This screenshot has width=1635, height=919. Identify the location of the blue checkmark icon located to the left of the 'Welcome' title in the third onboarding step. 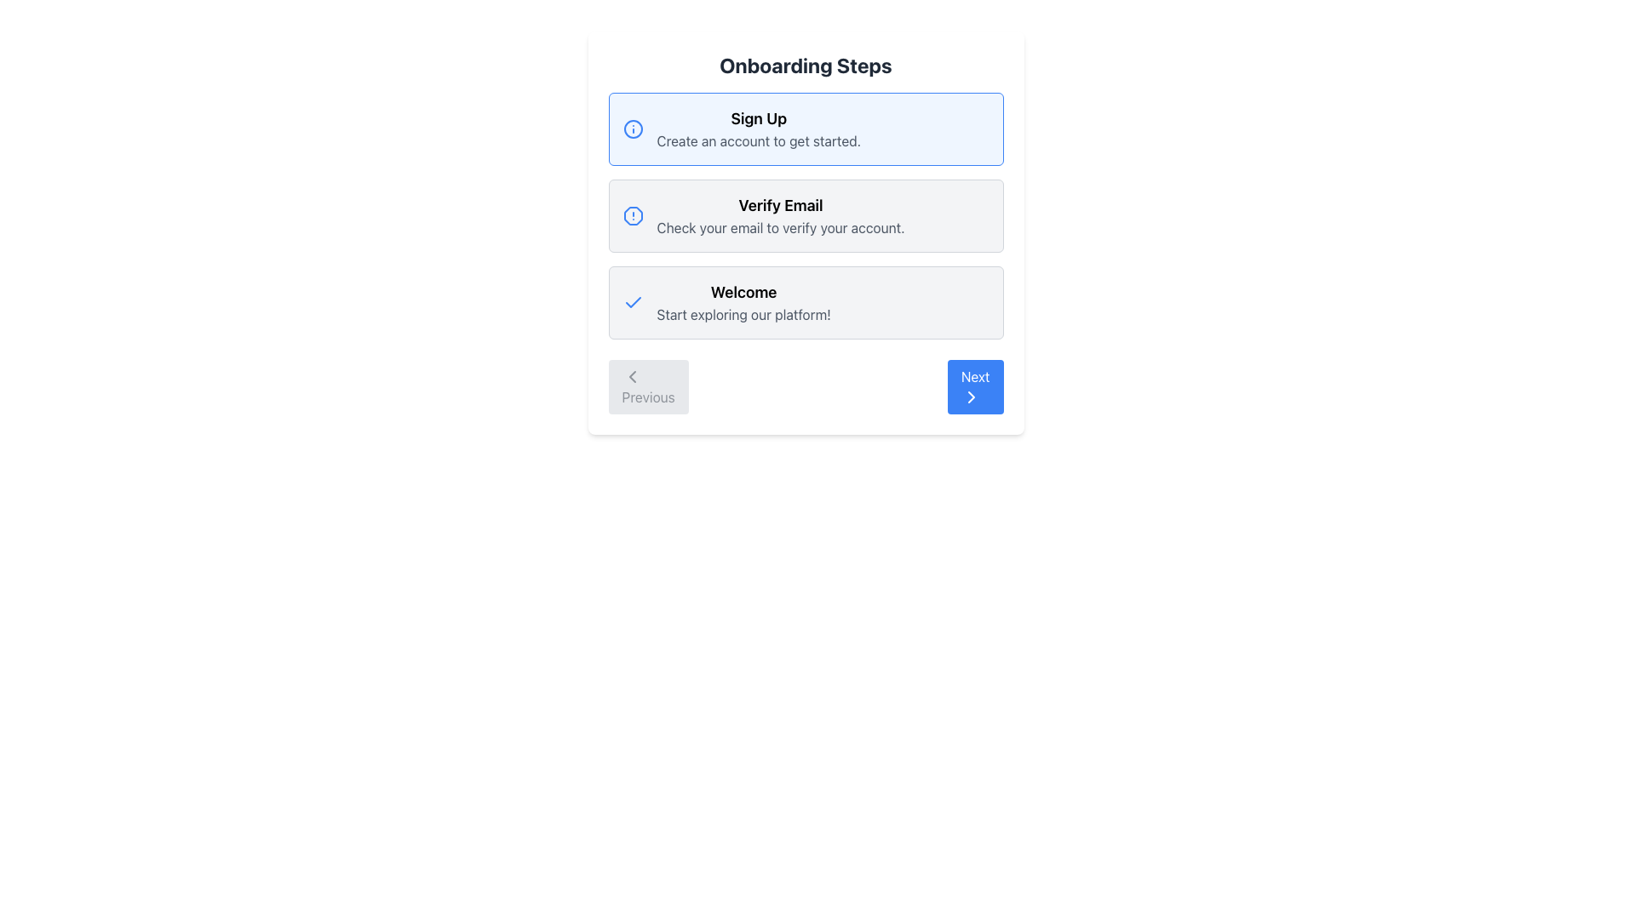
(632, 301).